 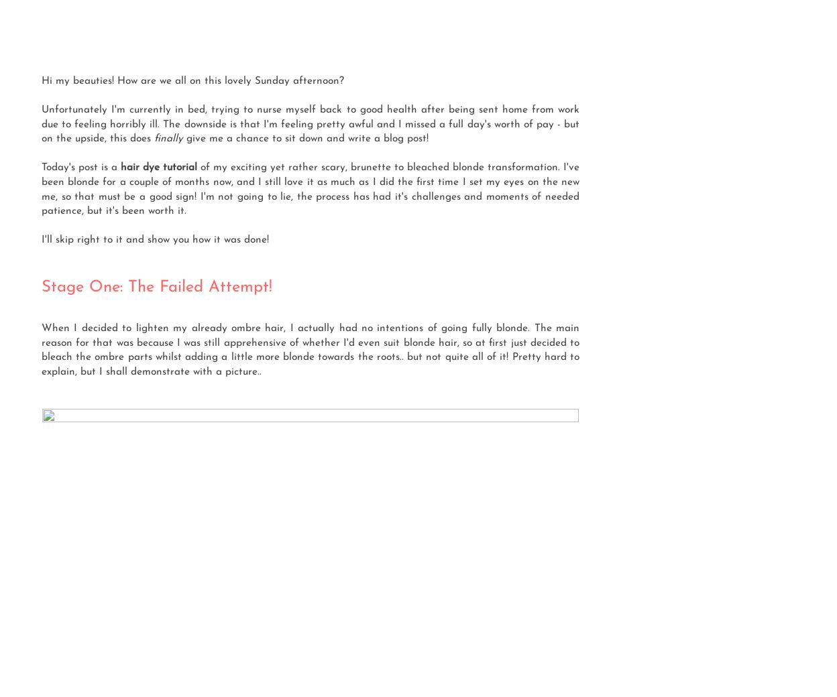 What do you see at coordinates (311, 188) in the screenshot?
I see `'of my exciting yet rather scary, brunette to bleached blonde transformation. I've been blonde for a couple of months now, and I still love it as much as I did the first time I set my eyes on the new me, so that must be a good sign! I'm not going to lie, the process has had it's challenges and moments of needed patience, but it's been worth it.'` at bounding box center [311, 188].